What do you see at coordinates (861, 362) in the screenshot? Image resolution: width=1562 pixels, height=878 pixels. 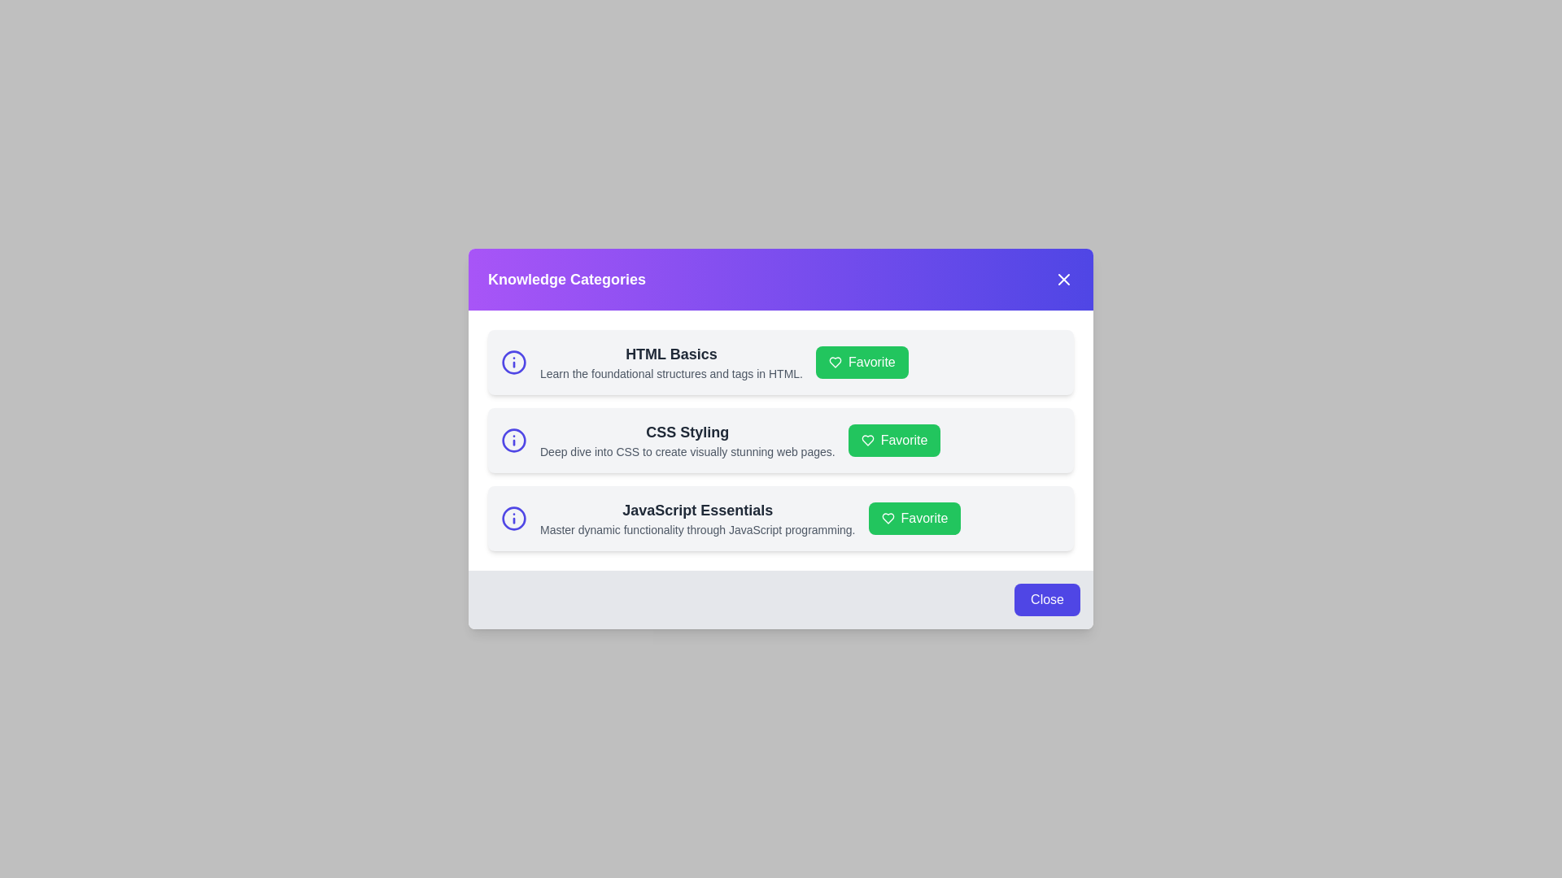 I see `the 'Favorite' button, which has a green background, white text, and a heart icon, located to the right of the 'HTML Basics' text` at bounding box center [861, 362].